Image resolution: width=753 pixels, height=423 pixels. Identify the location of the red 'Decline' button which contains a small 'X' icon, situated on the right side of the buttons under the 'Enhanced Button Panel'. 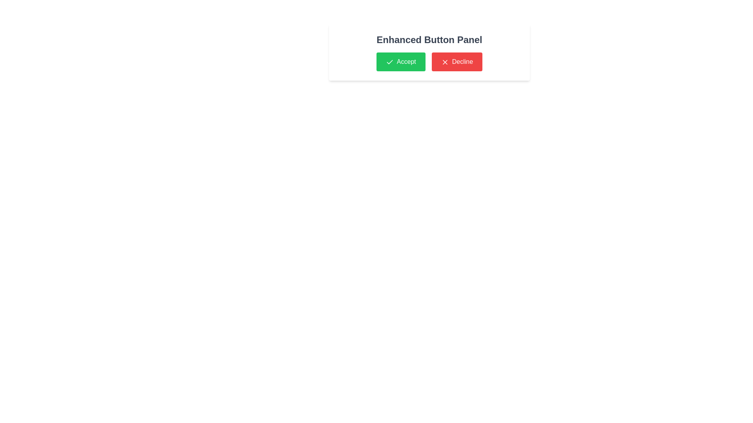
(445, 61).